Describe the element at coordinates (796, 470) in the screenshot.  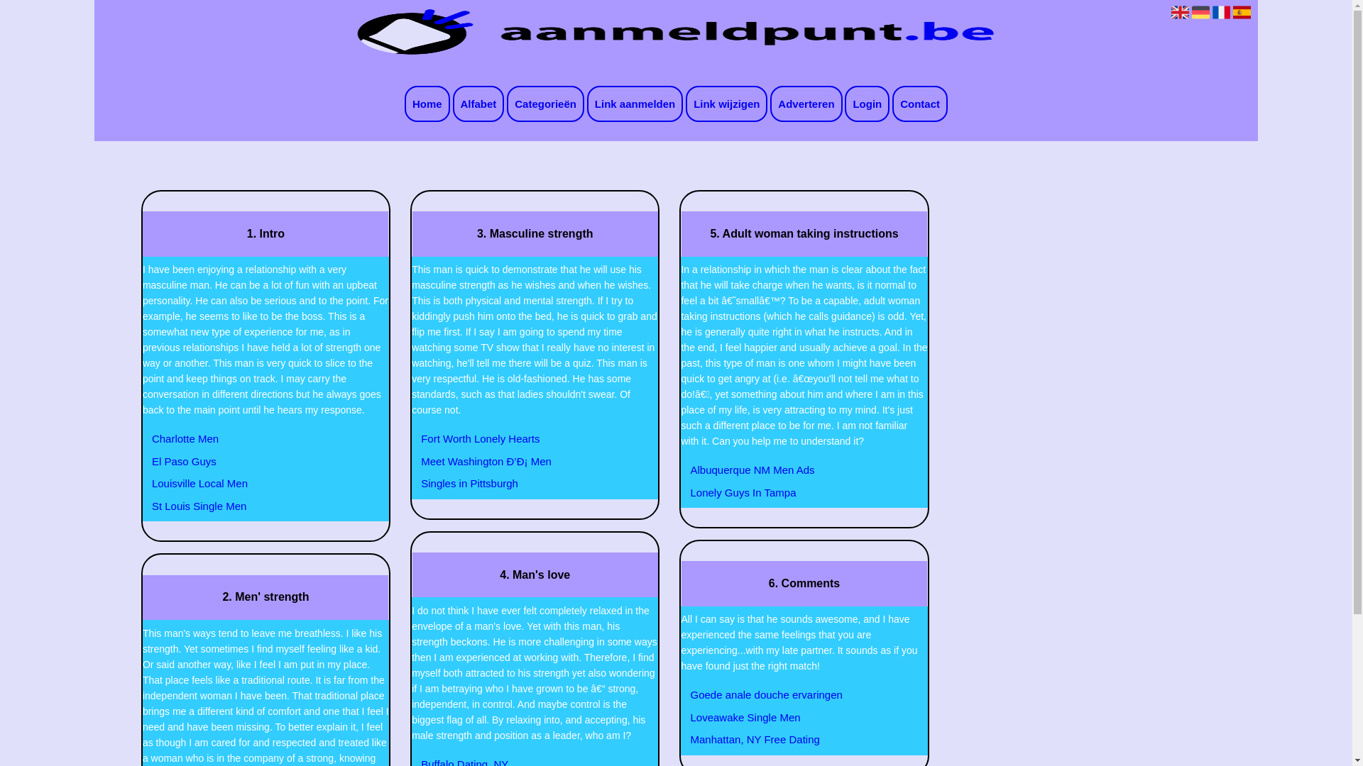
I see `'Albuquerque NM Men Ads'` at that location.